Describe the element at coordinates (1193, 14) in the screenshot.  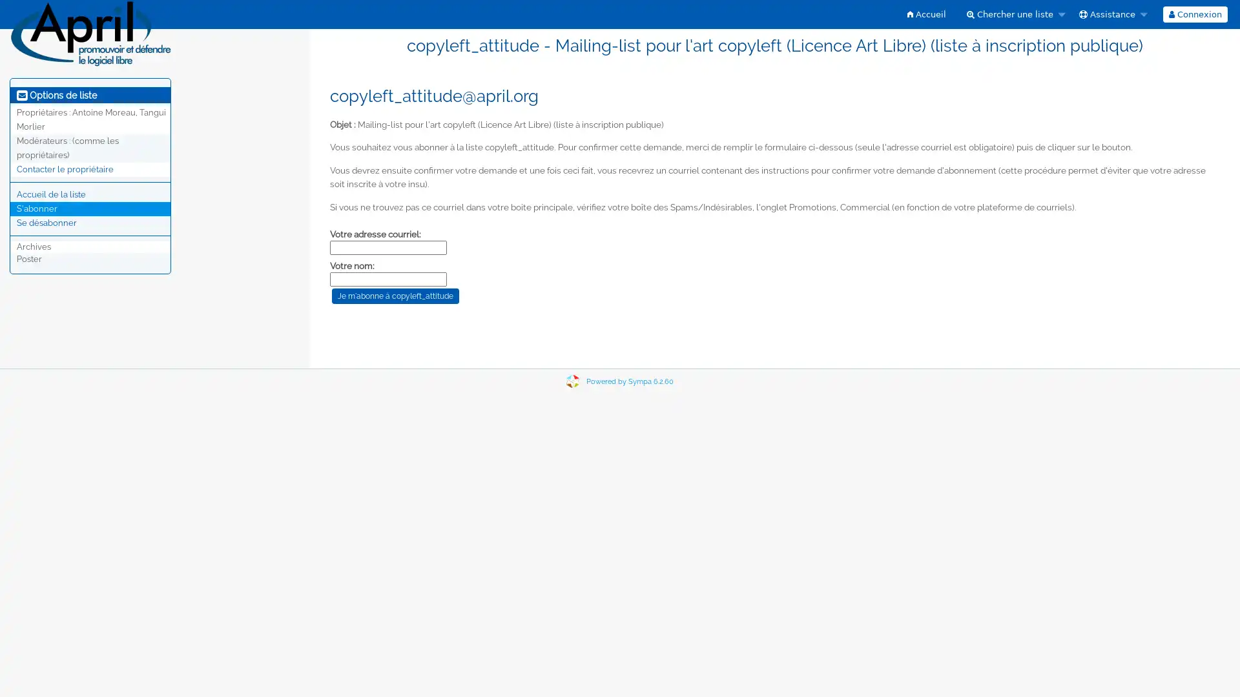
I see `Connexion` at that location.